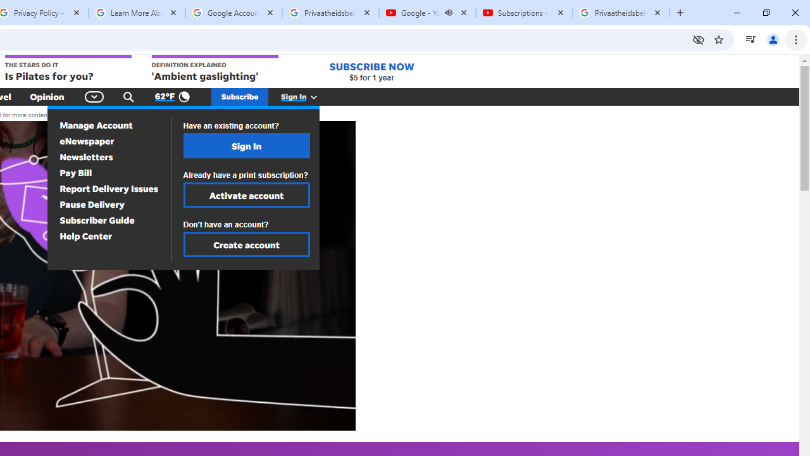 This screenshot has height=456, width=810. I want to click on 'Create account', so click(246, 244).